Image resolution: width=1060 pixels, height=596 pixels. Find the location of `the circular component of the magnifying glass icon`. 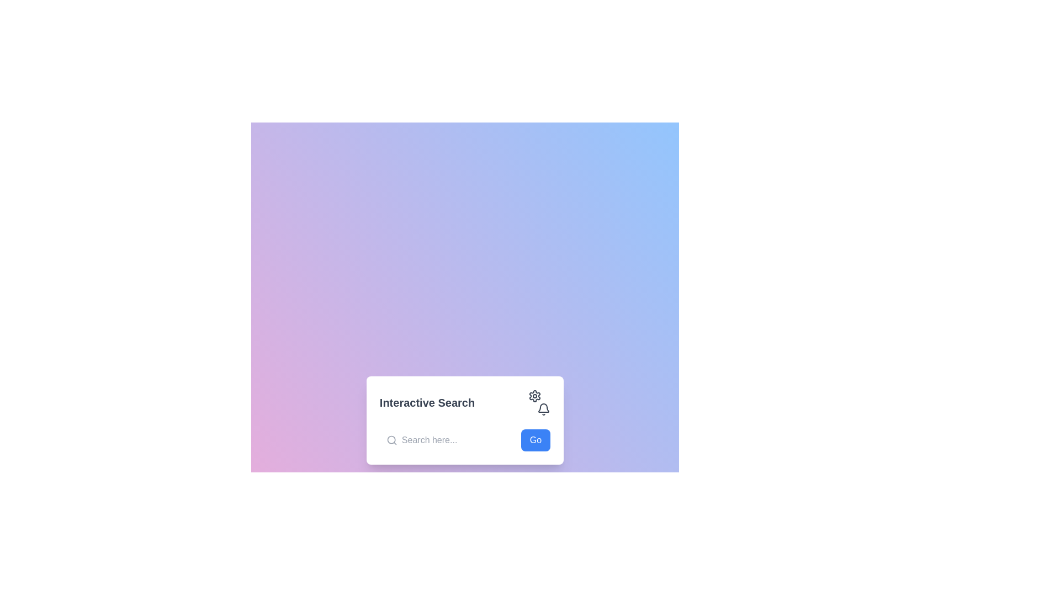

the circular component of the magnifying glass icon is located at coordinates (391, 439).